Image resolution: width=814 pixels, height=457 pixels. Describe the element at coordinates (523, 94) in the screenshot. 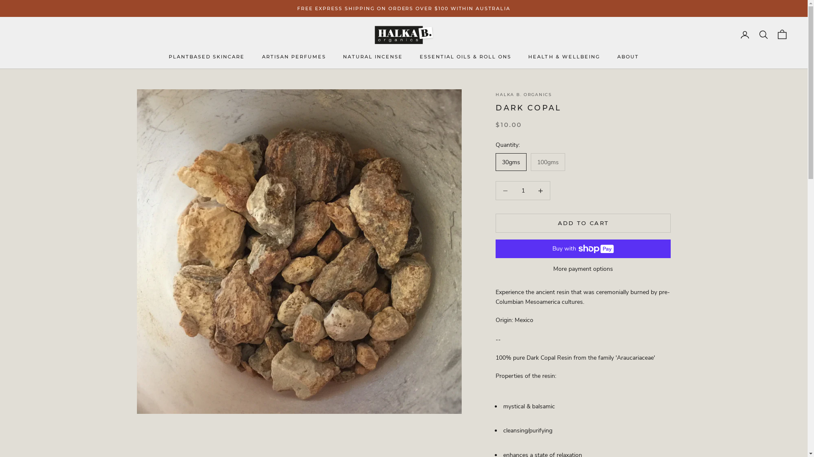

I see `'HALKA B. ORGANICS'` at that location.